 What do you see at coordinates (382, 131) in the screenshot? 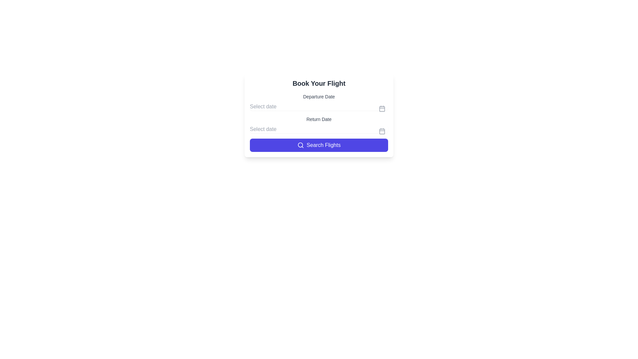
I see `the calendar icon button located to the right of the return date text field` at bounding box center [382, 131].